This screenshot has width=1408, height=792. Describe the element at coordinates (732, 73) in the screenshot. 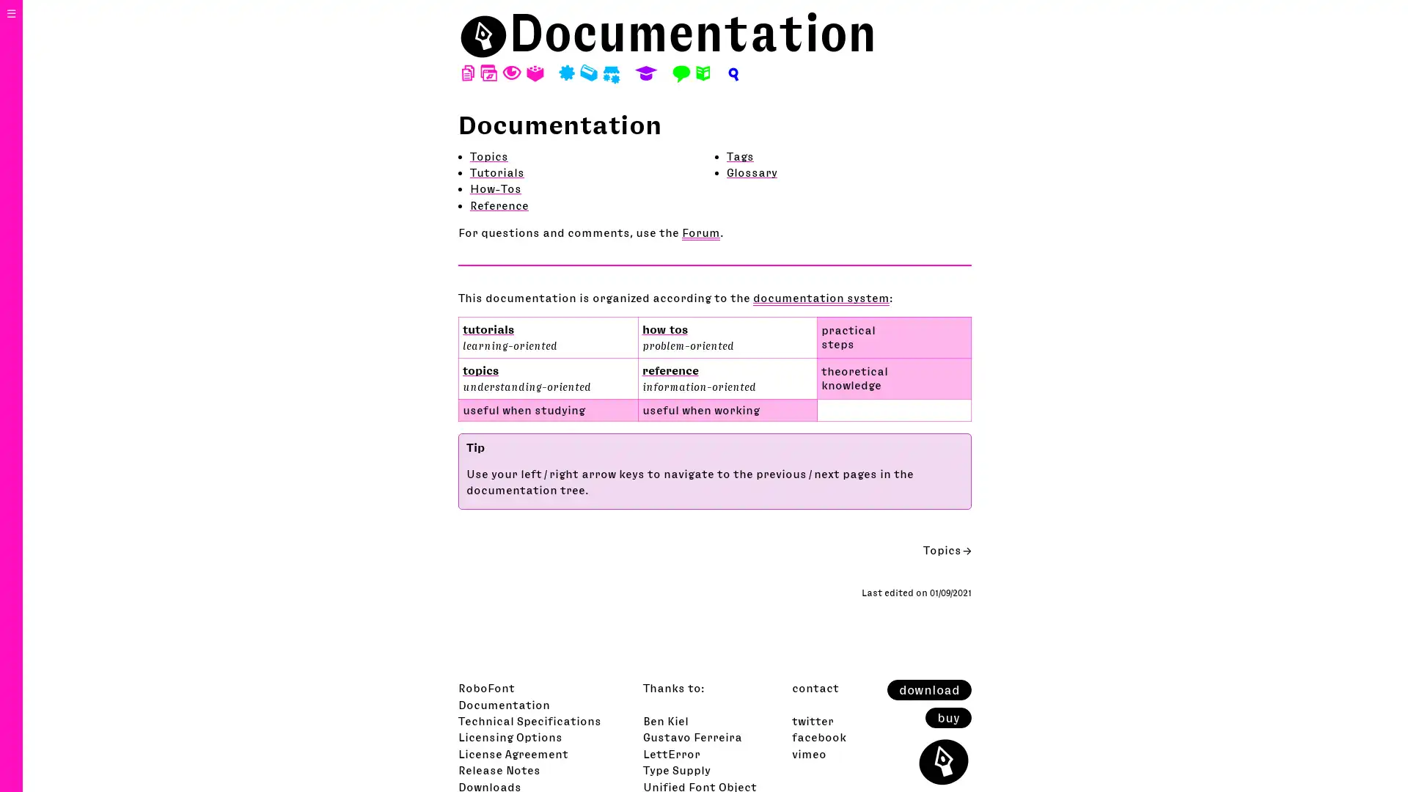

I see `?` at that location.